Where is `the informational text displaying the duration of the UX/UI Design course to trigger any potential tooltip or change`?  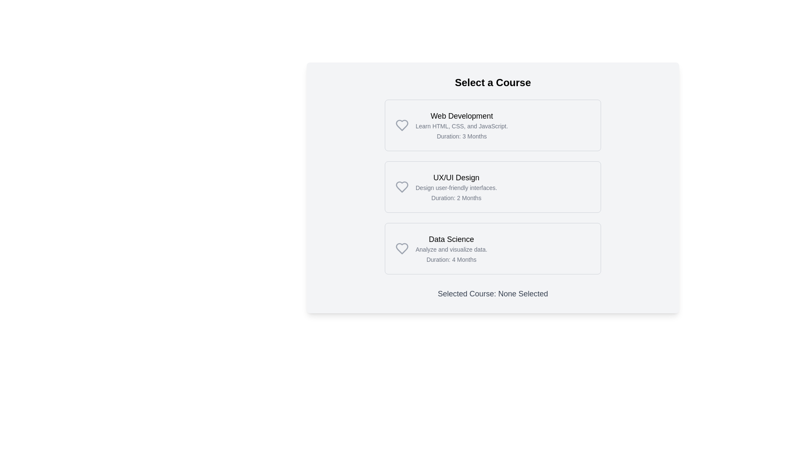 the informational text displaying the duration of the UX/UI Design course to trigger any potential tooltip or change is located at coordinates (456, 198).